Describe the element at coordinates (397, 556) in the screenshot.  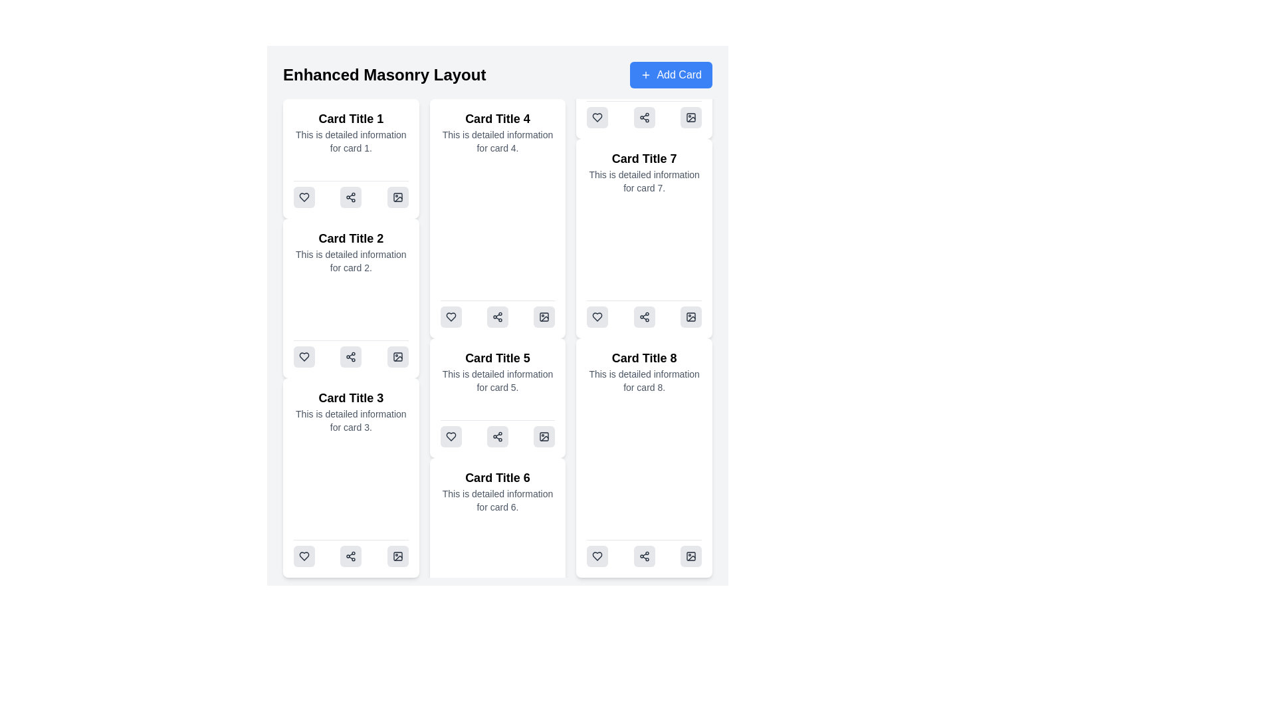
I see `the image action button located at the bottom-right corner of 'Card Title 3', which is the rightmost icon in a row of three icons` at that location.